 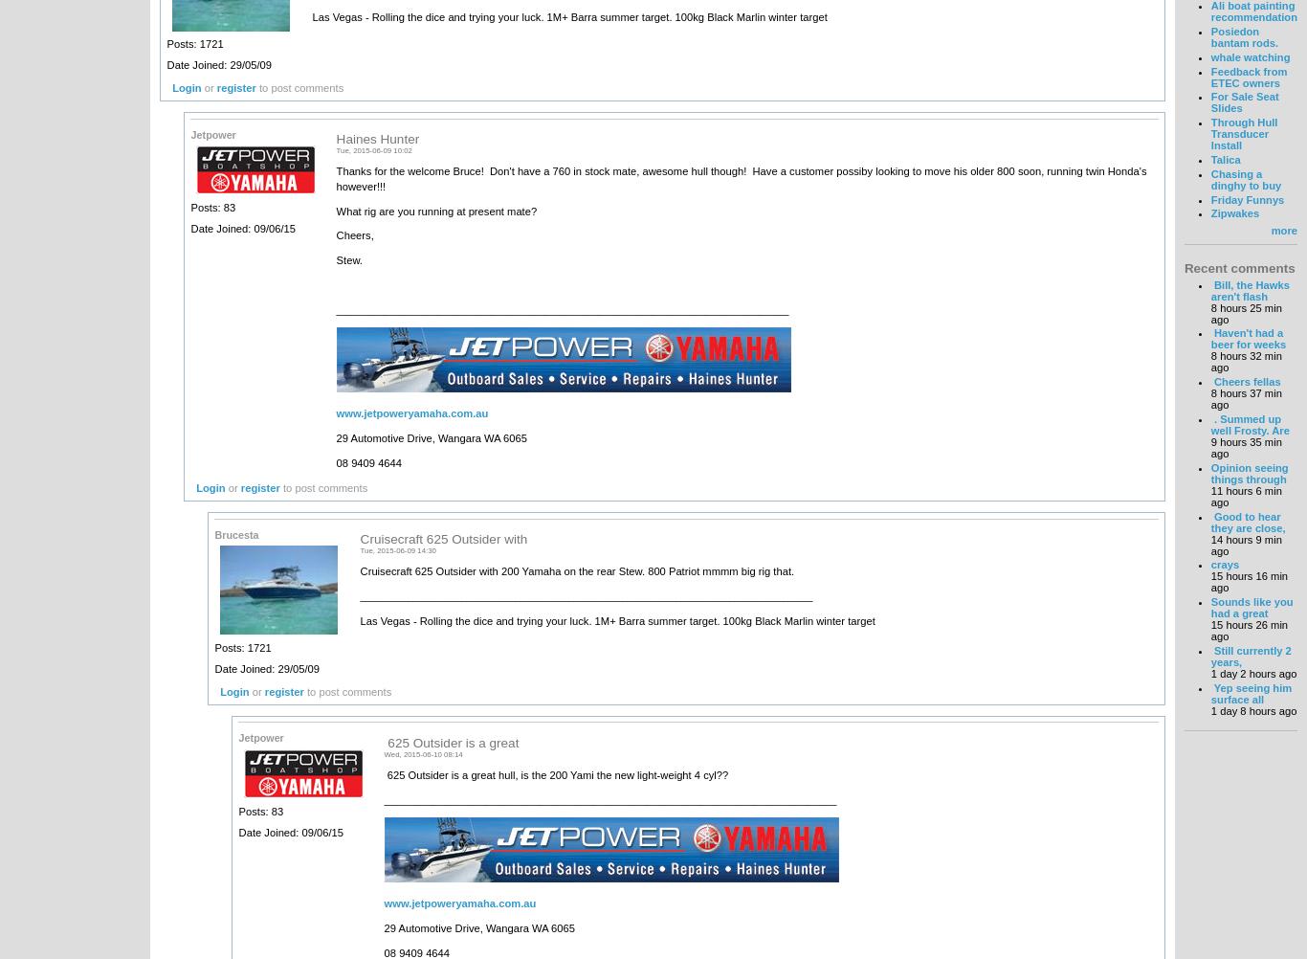 What do you see at coordinates (1249, 289) in the screenshot?
I see `'Bill, the Hawks aren't flash'` at bounding box center [1249, 289].